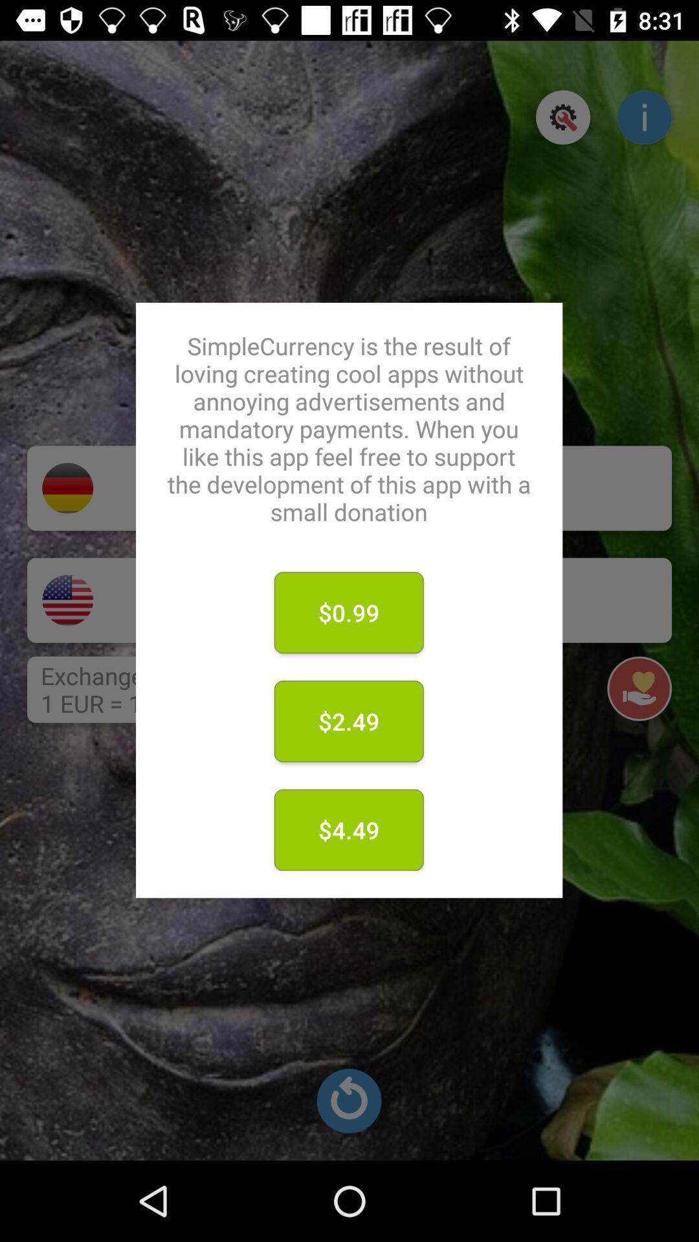  What do you see at coordinates (348, 1100) in the screenshot?
I see `the refresh icon` at bounding box center [348, 1100].